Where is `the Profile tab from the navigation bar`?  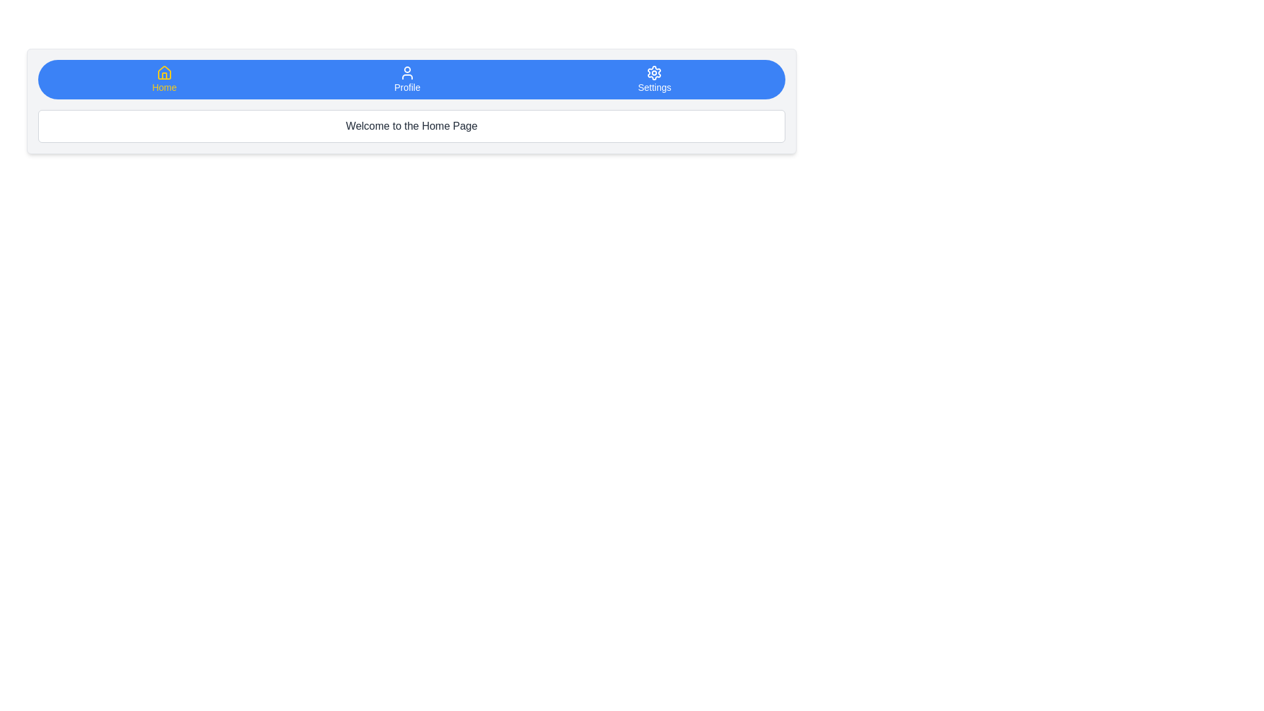 the Profile tab from the navigation bar is located at coordinates (406, 79).